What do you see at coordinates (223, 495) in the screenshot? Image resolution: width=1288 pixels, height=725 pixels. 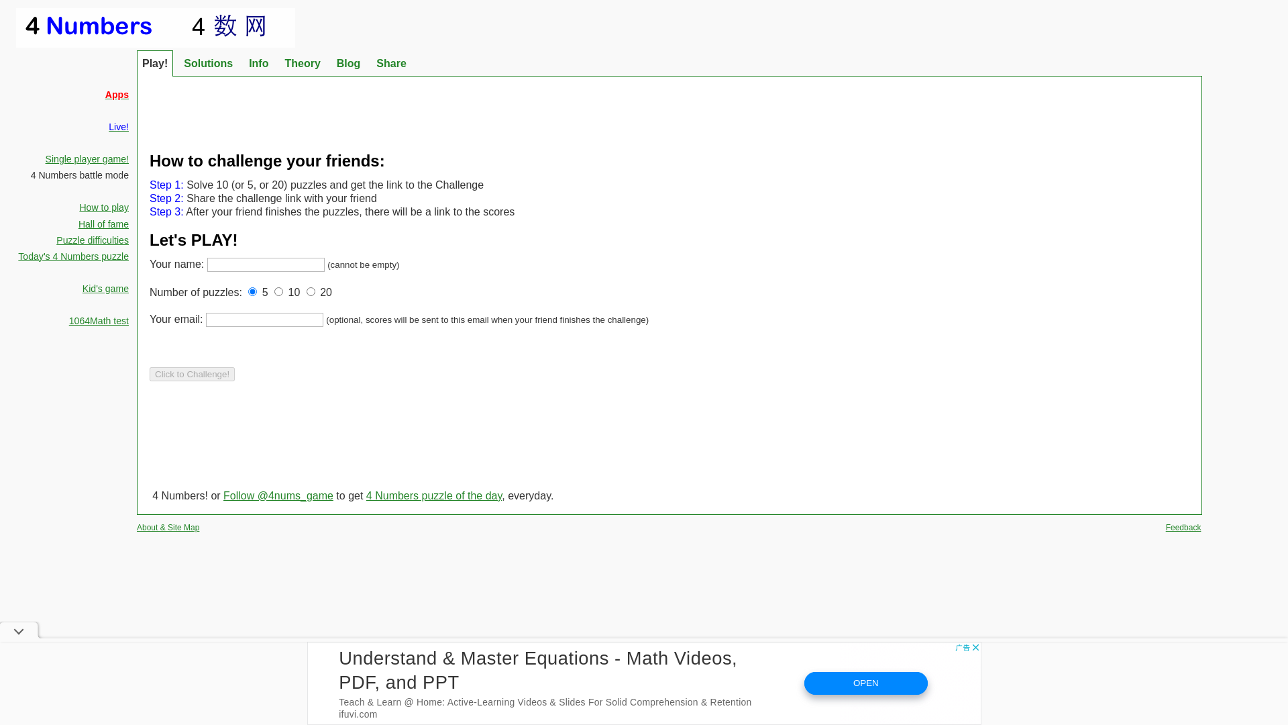 I see `'Follow @4nums_game'` at bounding box center [223, 495].